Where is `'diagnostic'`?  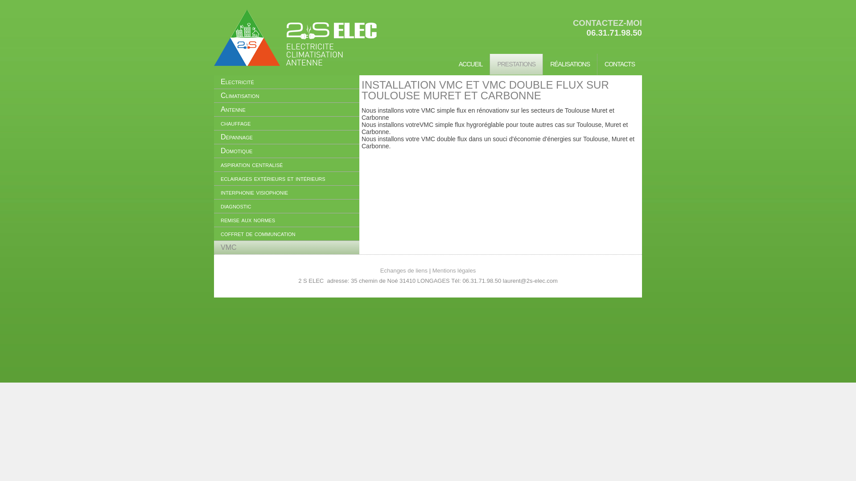 'diagnostic' is located at coordinates (287, 206).